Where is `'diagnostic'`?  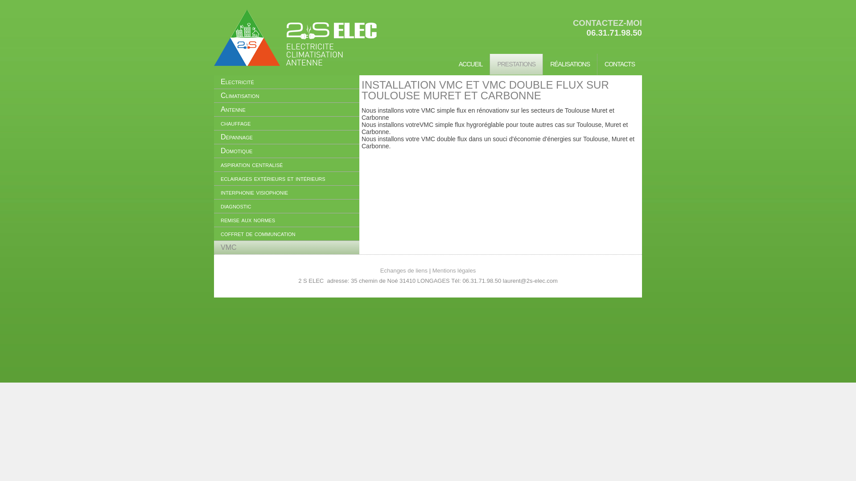 'diagnostic' is located at coordinates (287, 206).